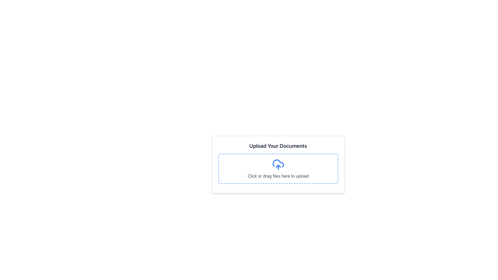 Image resolution: width=498 pixels, height=280 pixels. What do you see at coordinates (278, 184) in the screenshot?
I see `the 'Upload Your Documents' file upload area` at bounding box center [278, 184].